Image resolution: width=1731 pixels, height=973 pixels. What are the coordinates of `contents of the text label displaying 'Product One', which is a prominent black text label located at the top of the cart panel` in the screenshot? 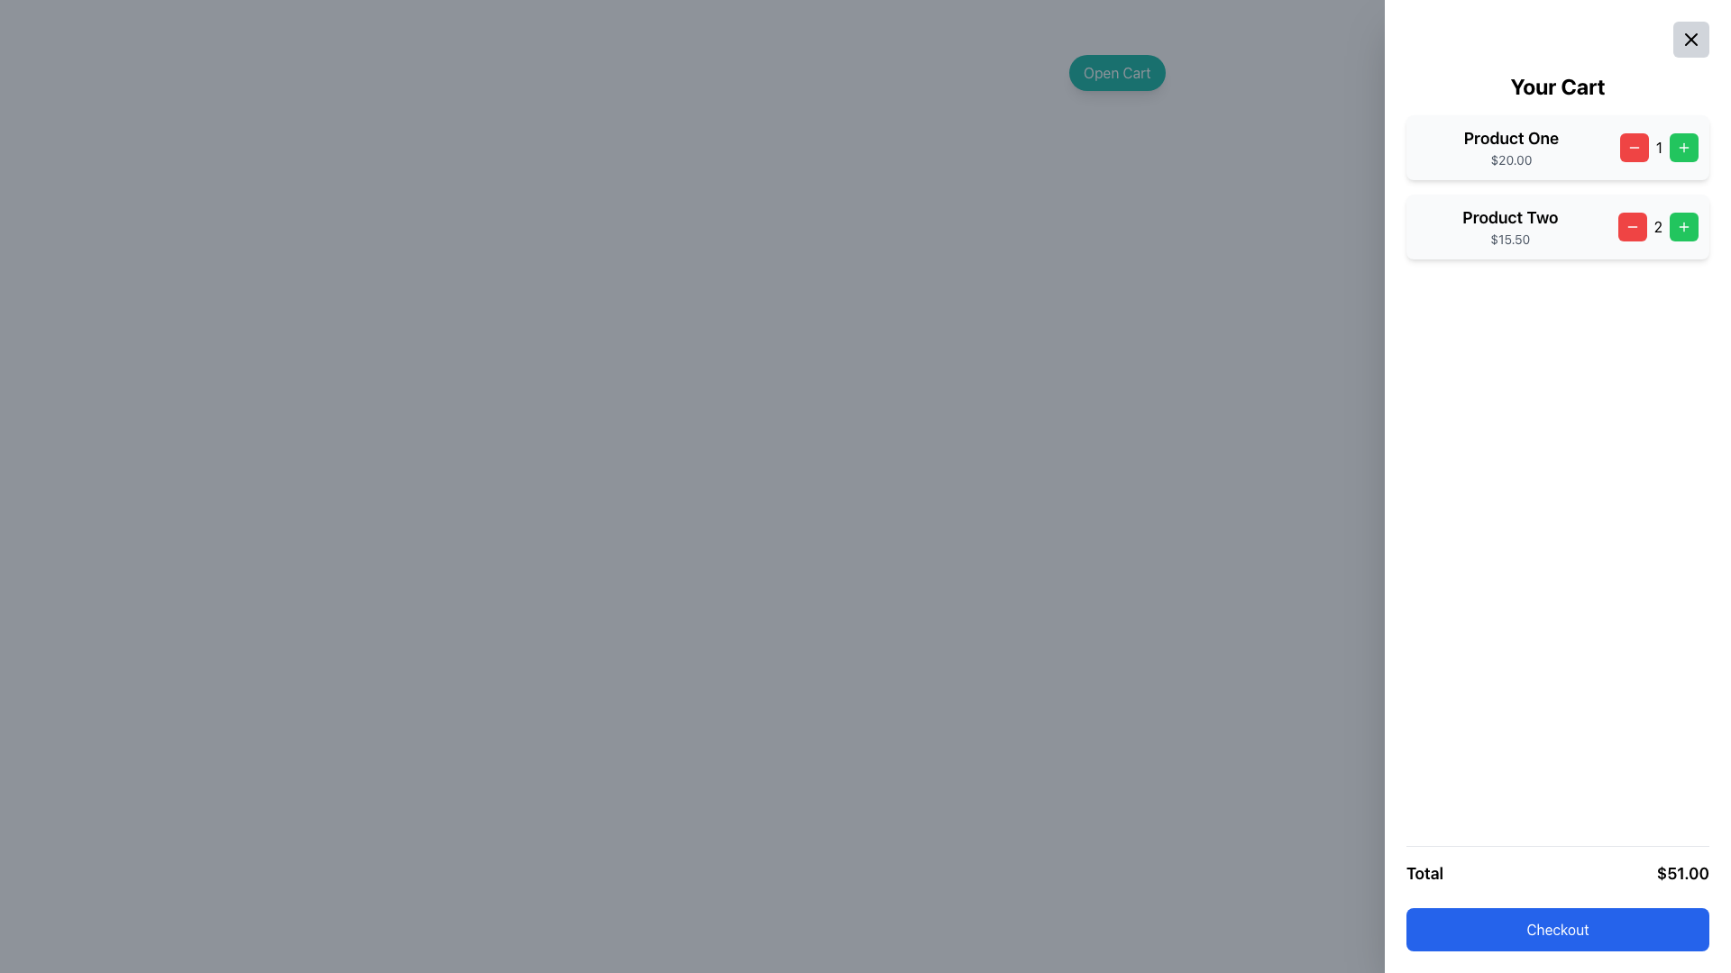 It's located at (1511, 138).